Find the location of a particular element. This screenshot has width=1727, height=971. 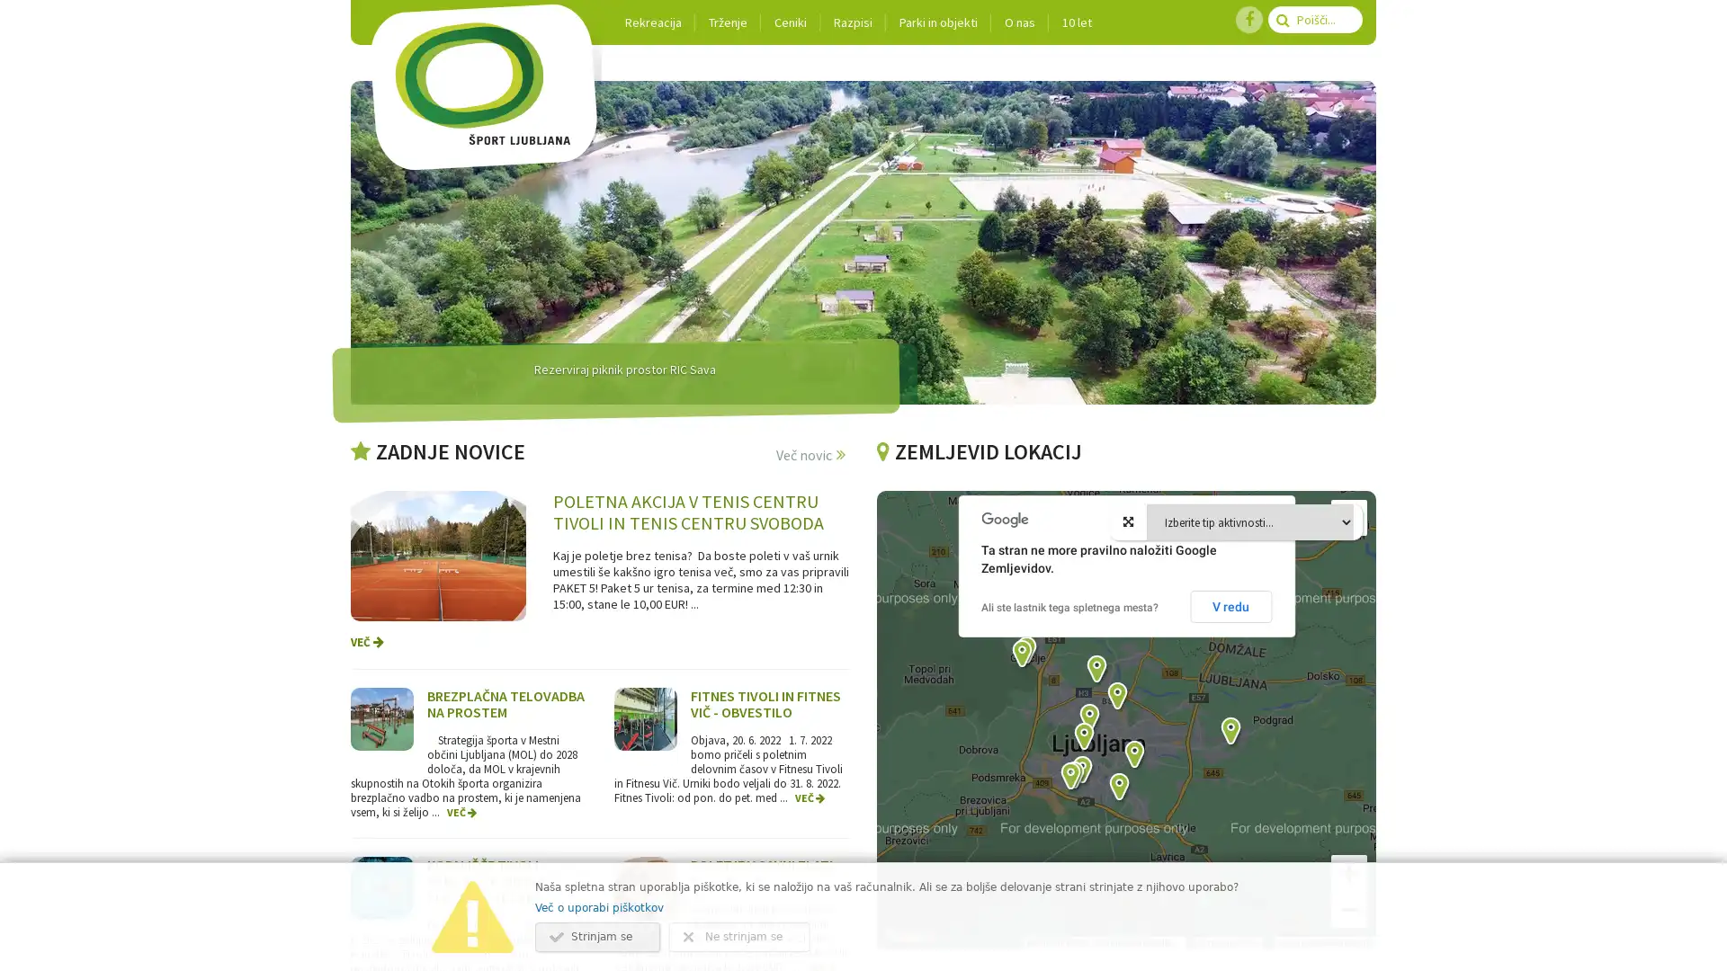

Povecaj is located at coordinates (1348, 872).